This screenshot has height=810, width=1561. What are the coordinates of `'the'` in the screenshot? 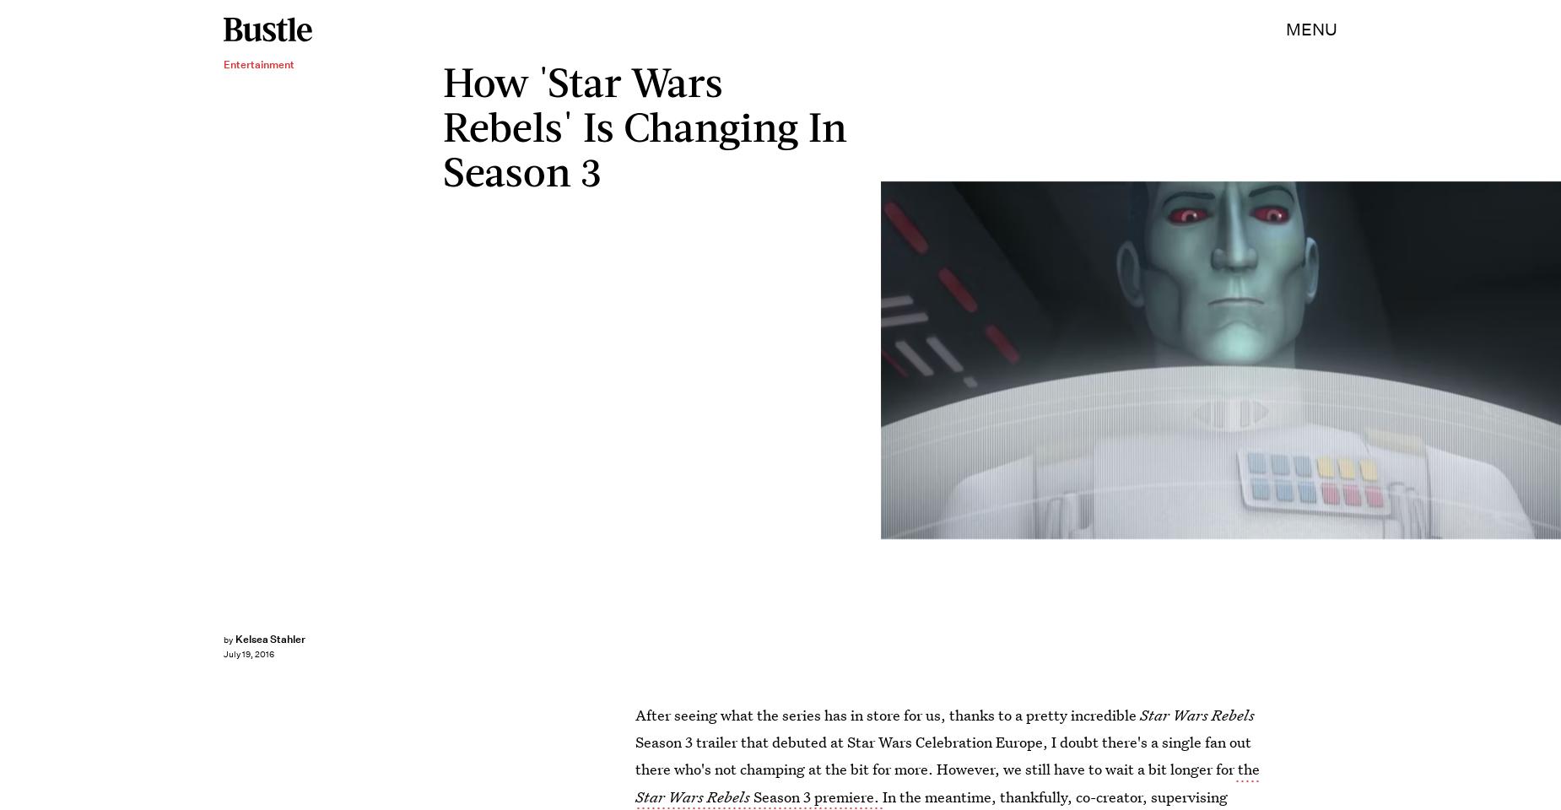 It's located at (1246, 769).